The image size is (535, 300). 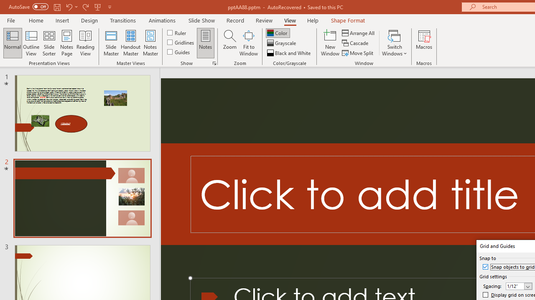 What do you see at coordinates (359, 32) in the screenshot?
I see `'Arrange All'` at bounding box center [359, 32].